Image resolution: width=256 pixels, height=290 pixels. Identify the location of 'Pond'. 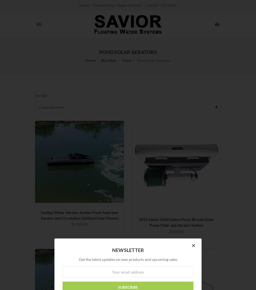
(122, 60).